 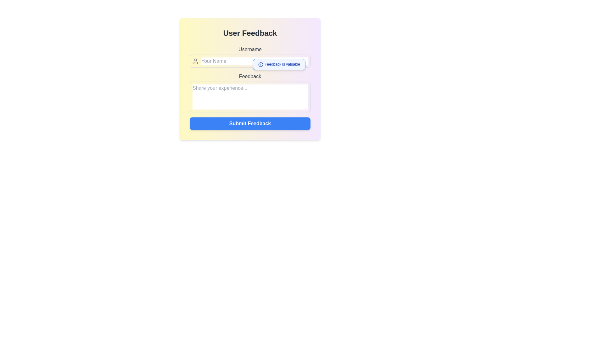 I want to click on the username text input field, so click(x=250, y=57).